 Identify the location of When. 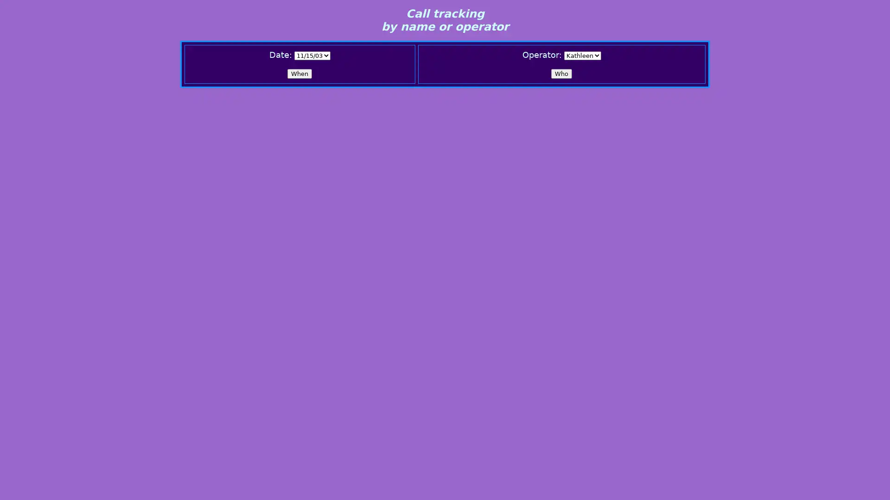
(299, 73).